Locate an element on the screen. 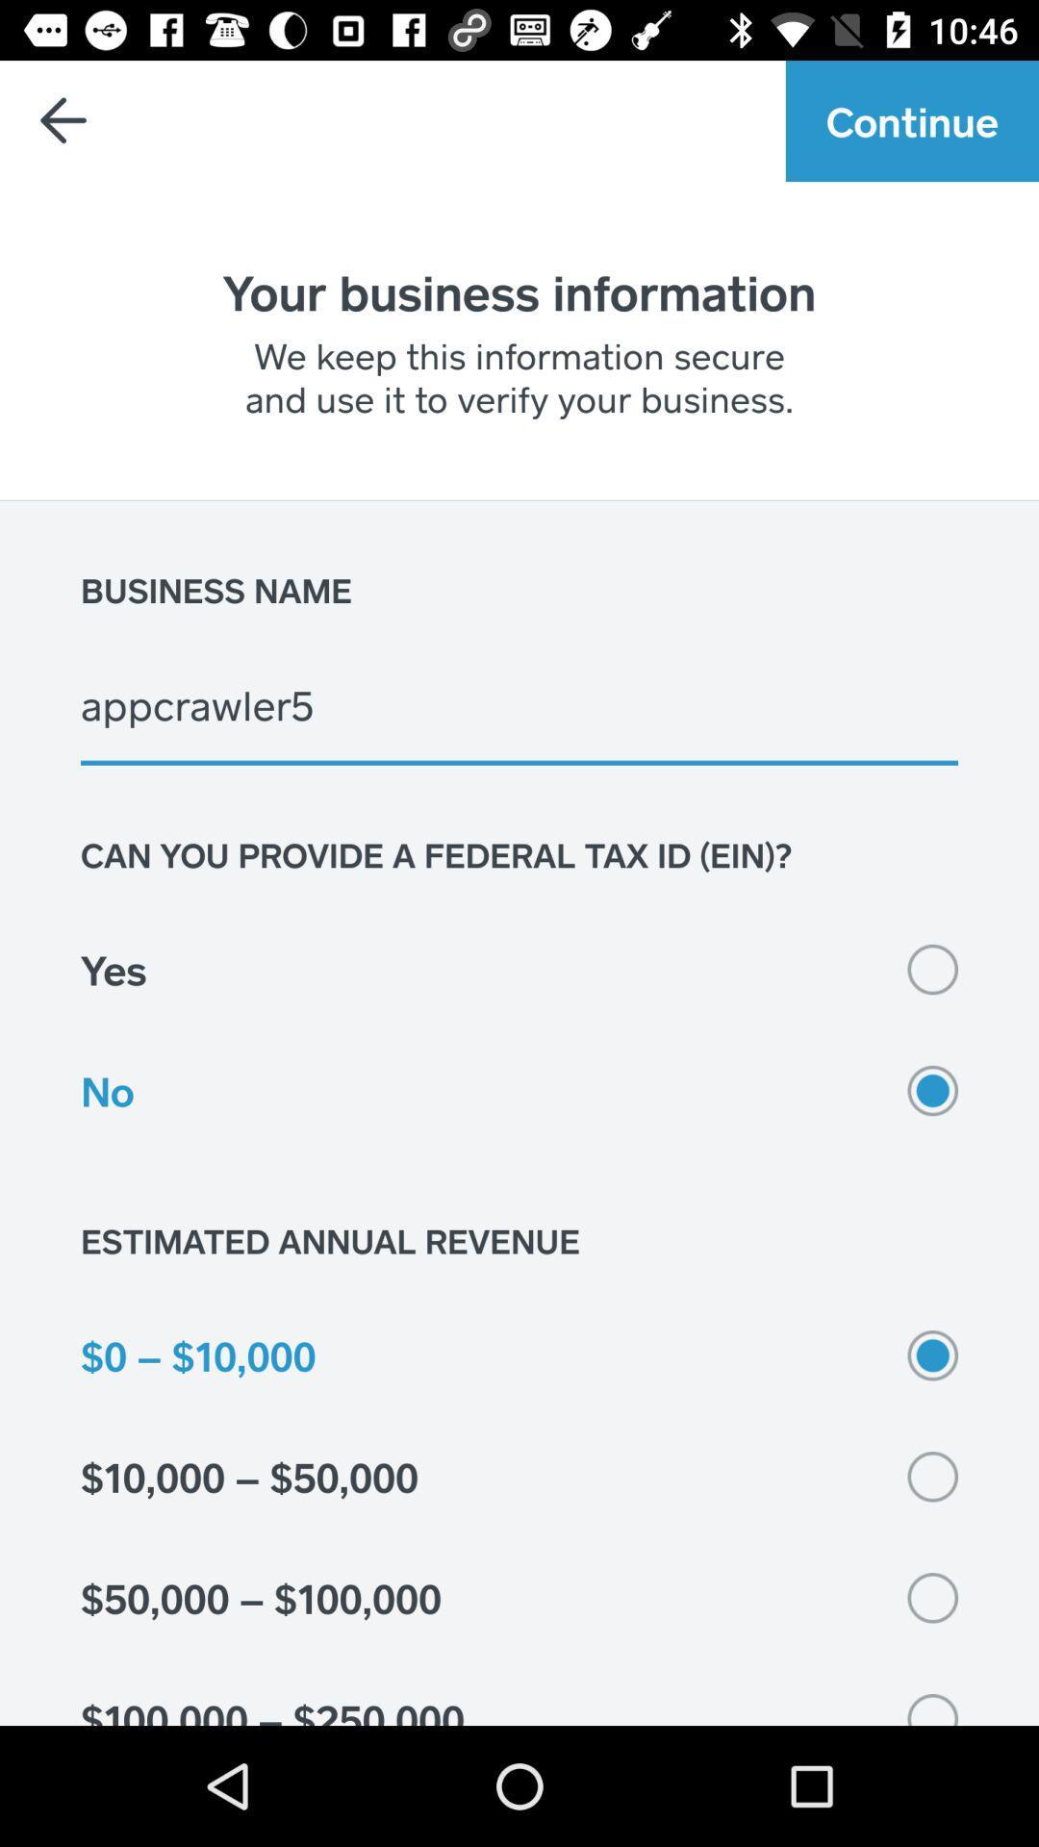 The height and width of the screenshot is (1847, 1039). continue is located at coordinates (911, 119).